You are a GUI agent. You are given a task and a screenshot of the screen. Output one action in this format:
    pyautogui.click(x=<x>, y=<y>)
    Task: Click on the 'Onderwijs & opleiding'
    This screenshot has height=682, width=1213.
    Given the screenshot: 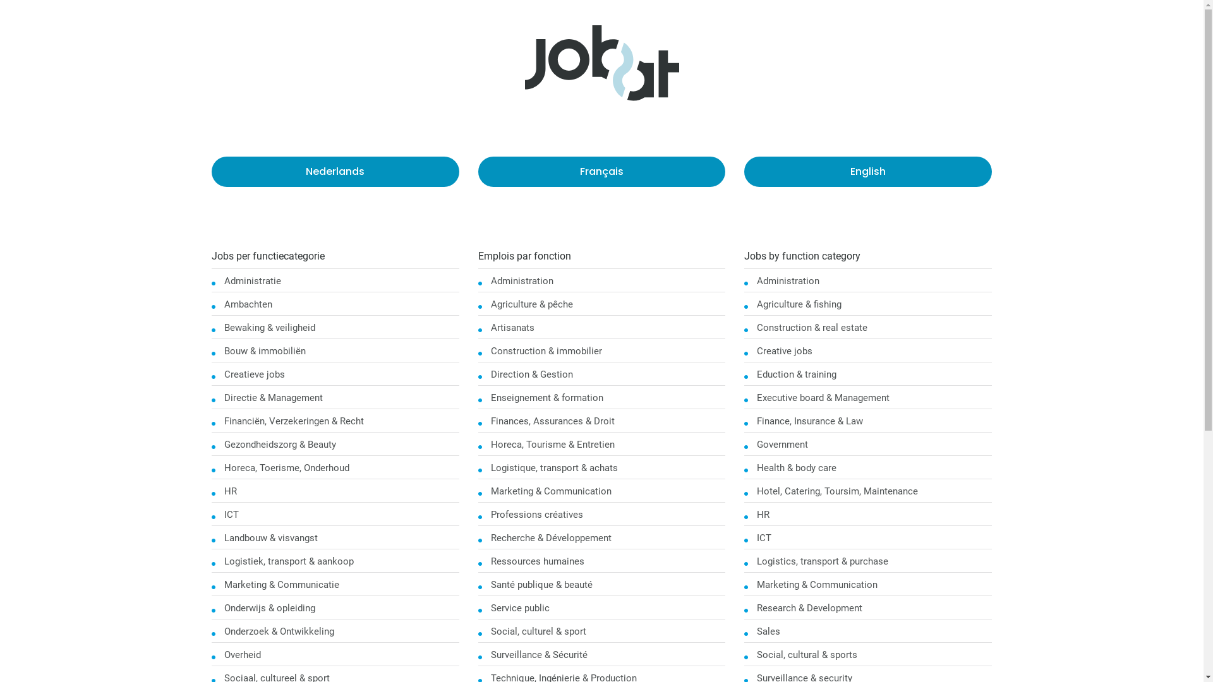 What is the action you would take?
    pyautogui.click(x=224, y=607)
    